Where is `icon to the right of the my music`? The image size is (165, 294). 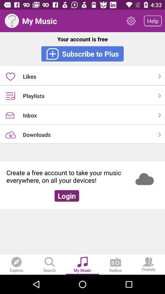 icon to the right of the my music is located at coordinates (130, 21).